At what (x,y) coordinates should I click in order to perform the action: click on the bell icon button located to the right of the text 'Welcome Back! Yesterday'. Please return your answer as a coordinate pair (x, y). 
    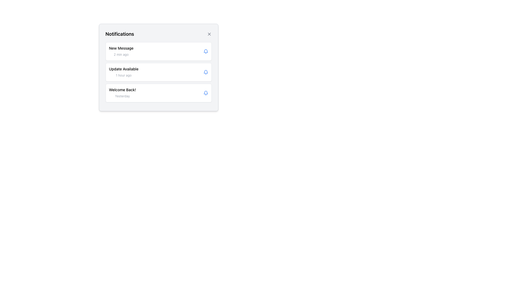
    Looking at the image, I should click on (205, 93).